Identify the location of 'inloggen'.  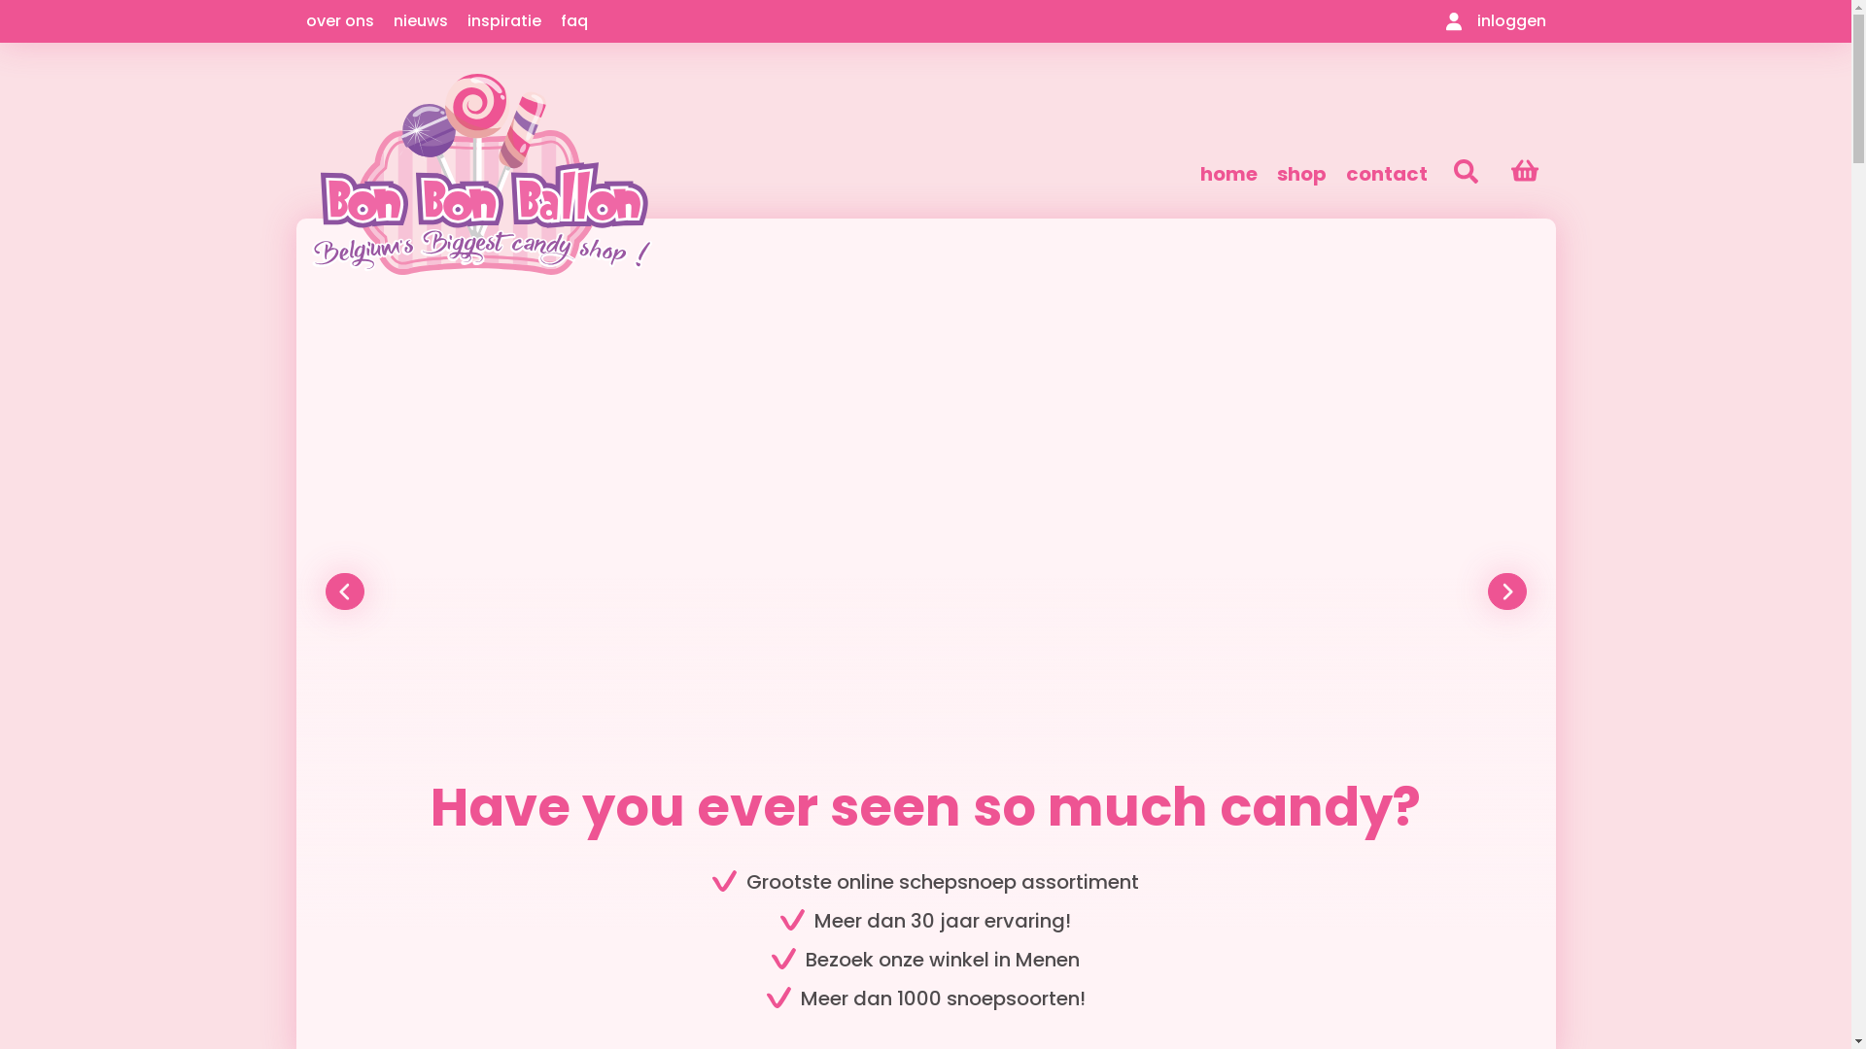
(1436, 21).